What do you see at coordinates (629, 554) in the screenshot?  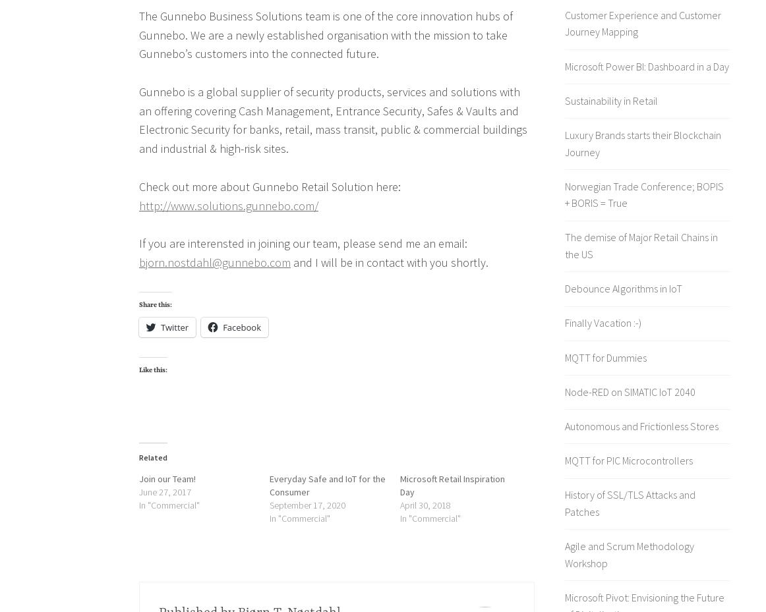 I see `'Agile and Scrum Methodology Workshop'` at bounding box center [629, 554].